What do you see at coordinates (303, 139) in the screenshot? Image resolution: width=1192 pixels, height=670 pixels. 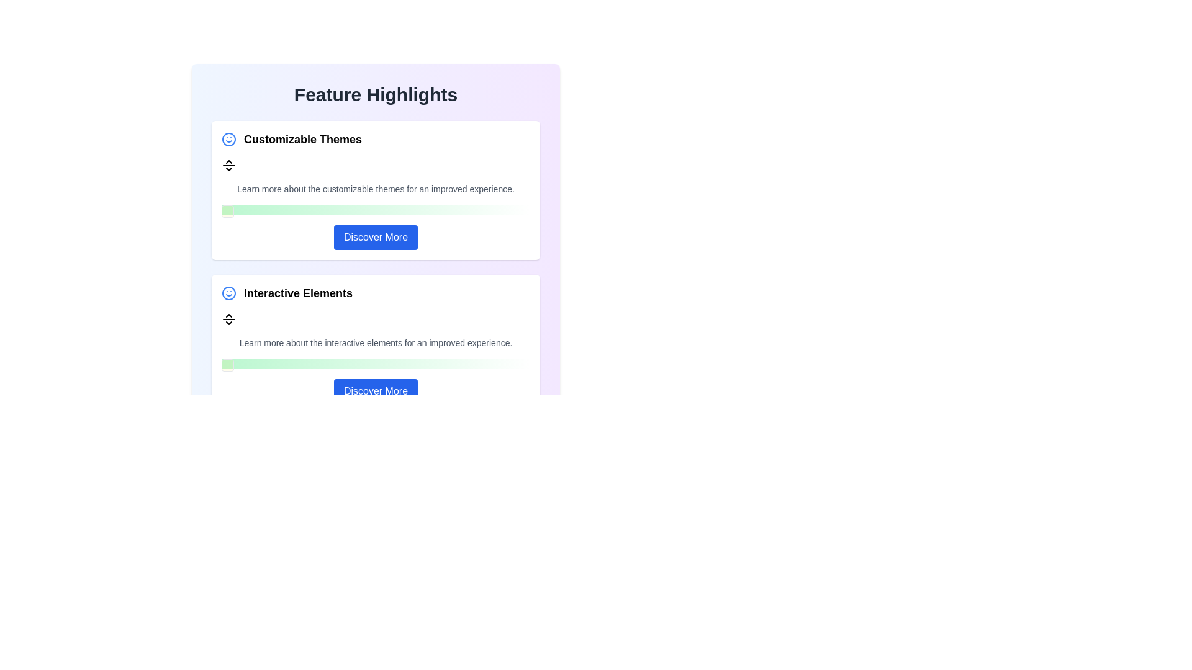 I see `the 'Customizable Themes' static text header which is styled in a large, bold font and is prominently located in the top section of the 'Feature Highlights' interface` at bounding box center [303, 139].